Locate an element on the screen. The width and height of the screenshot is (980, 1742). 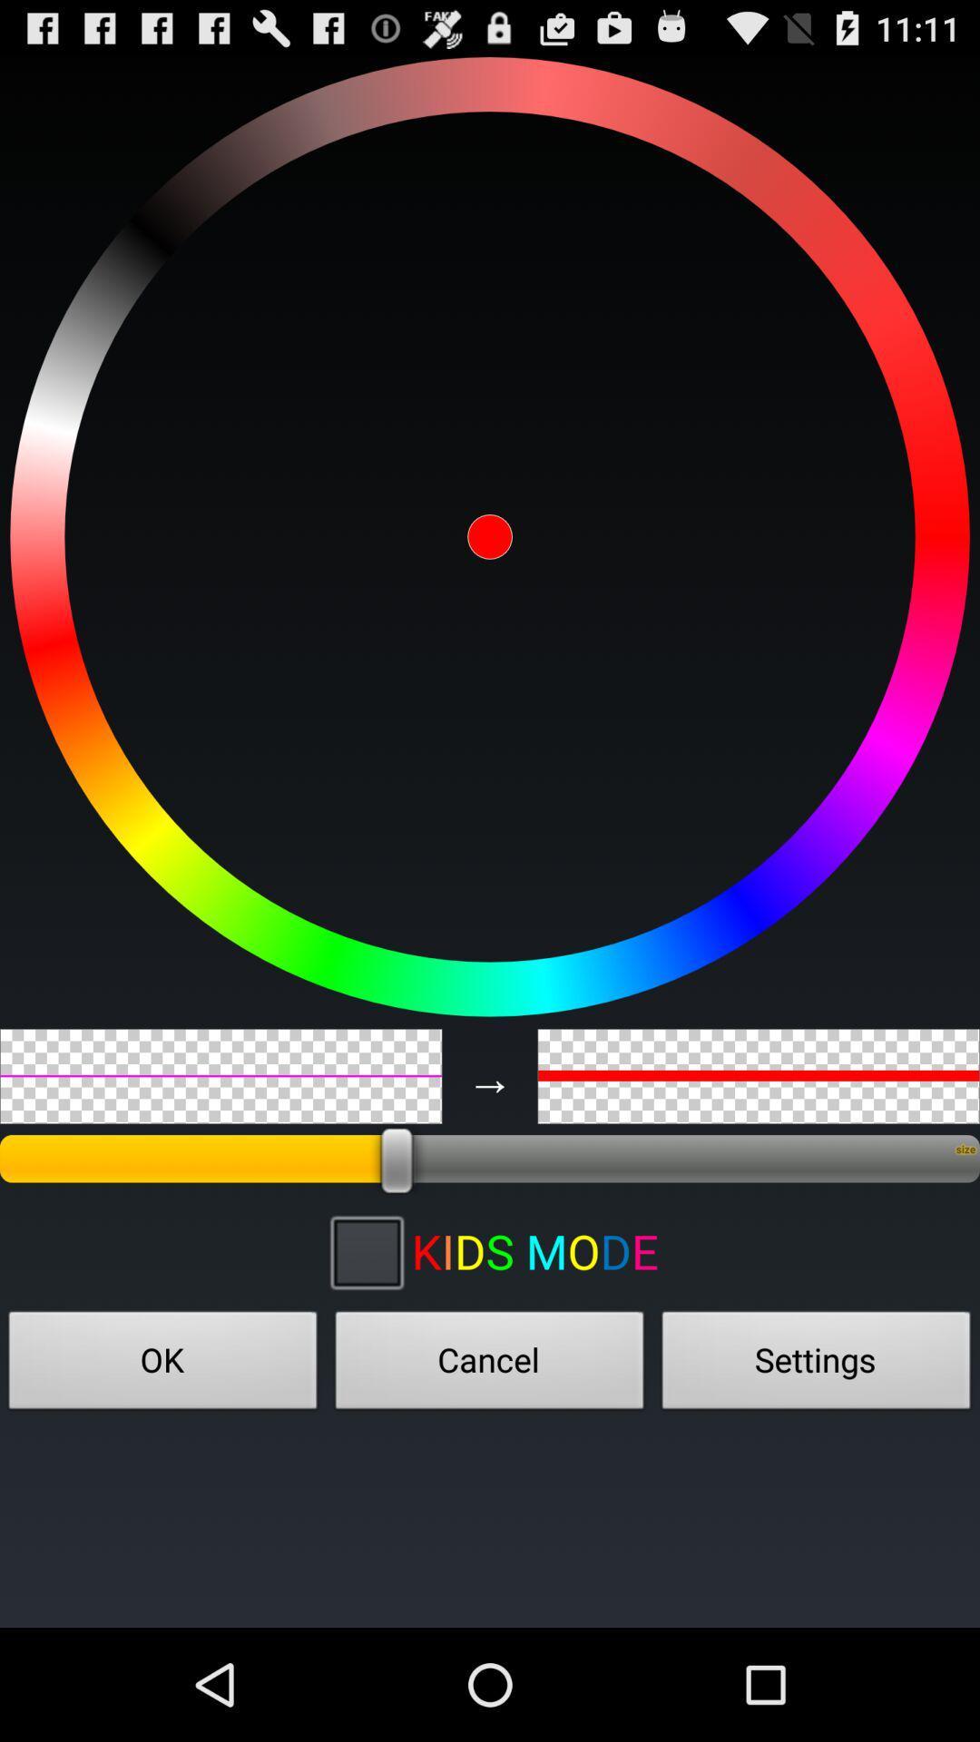
item below the kids mode is located at coordinates (815, 1365).